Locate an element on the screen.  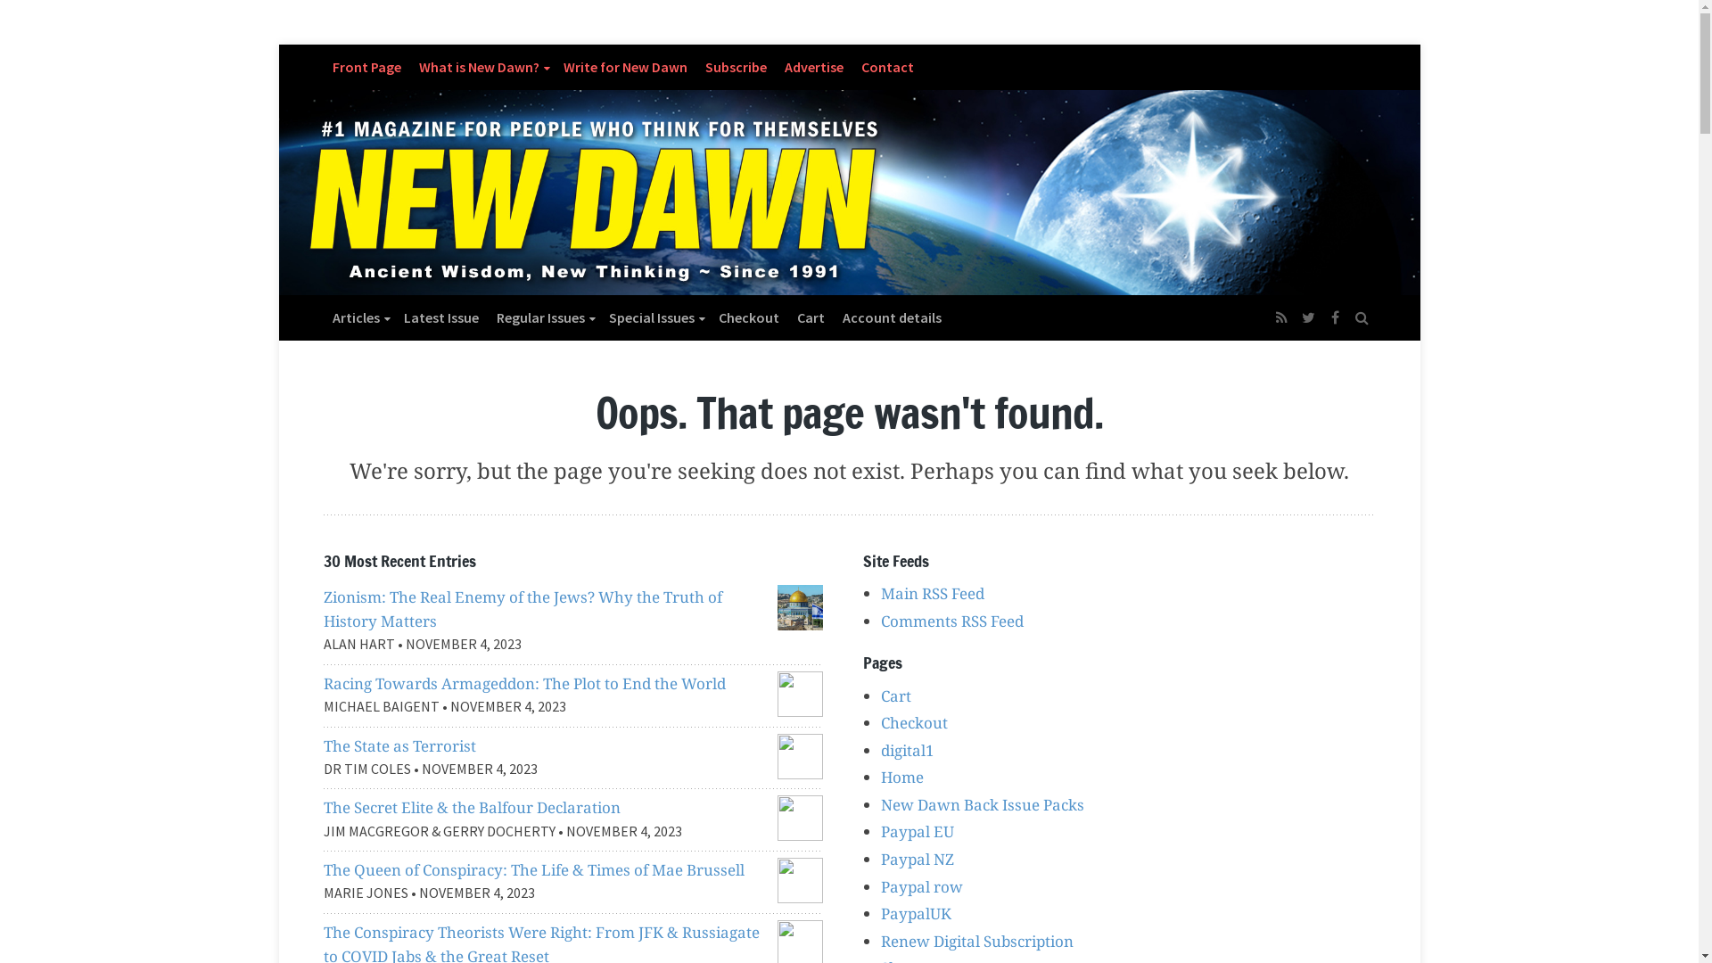
'Regular Issues' is located at coordinates (487, 316).